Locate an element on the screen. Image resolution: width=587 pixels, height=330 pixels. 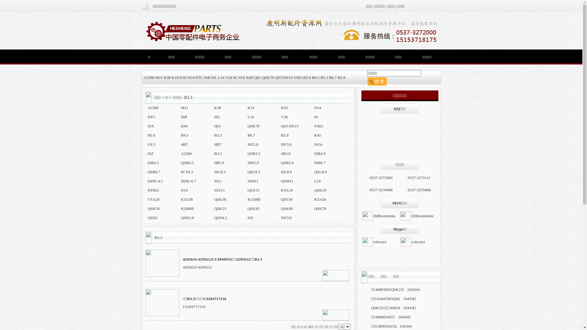
'NTC' is located at coordinates (151, 117).